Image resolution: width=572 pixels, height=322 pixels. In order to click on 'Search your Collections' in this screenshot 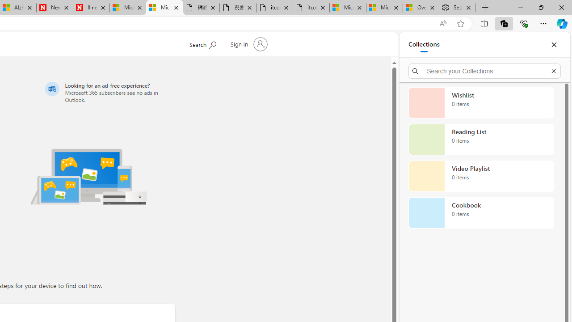, I will do `click(484, 71)`.